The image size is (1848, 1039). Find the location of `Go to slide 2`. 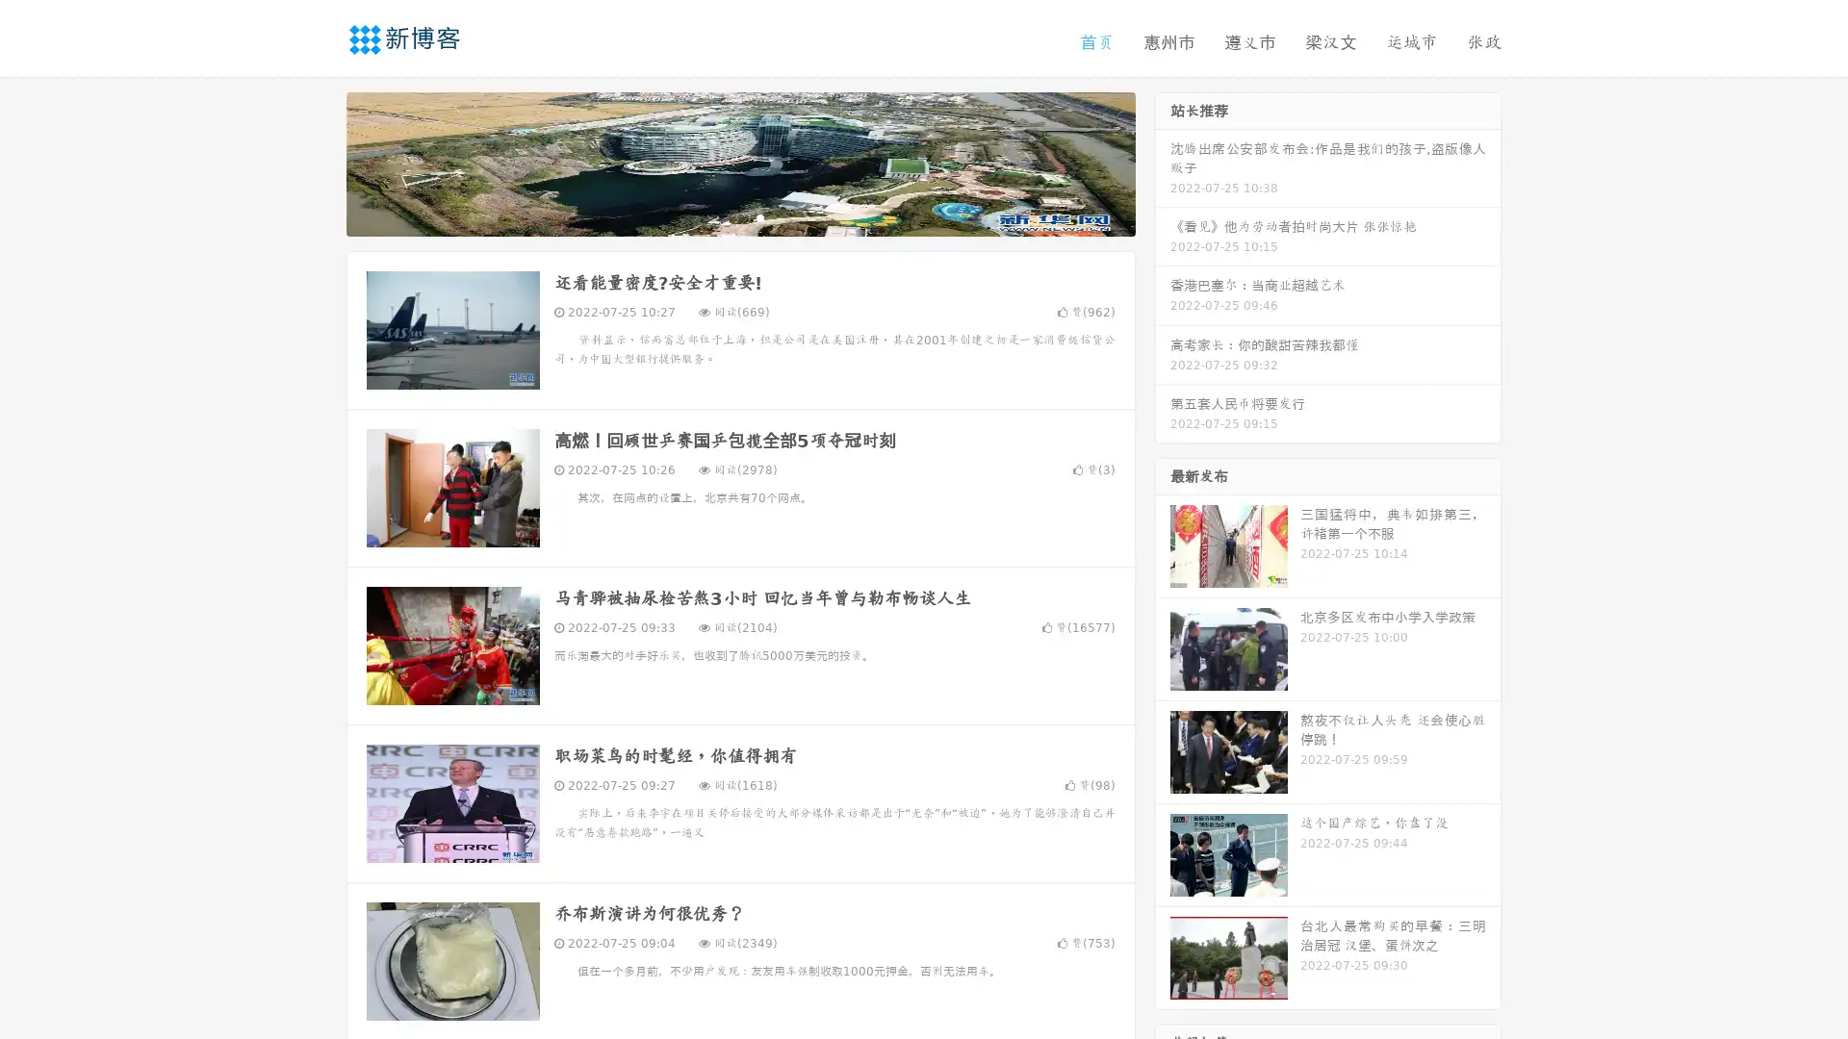

Go to slide 2 is located at coordinates (739, 216).